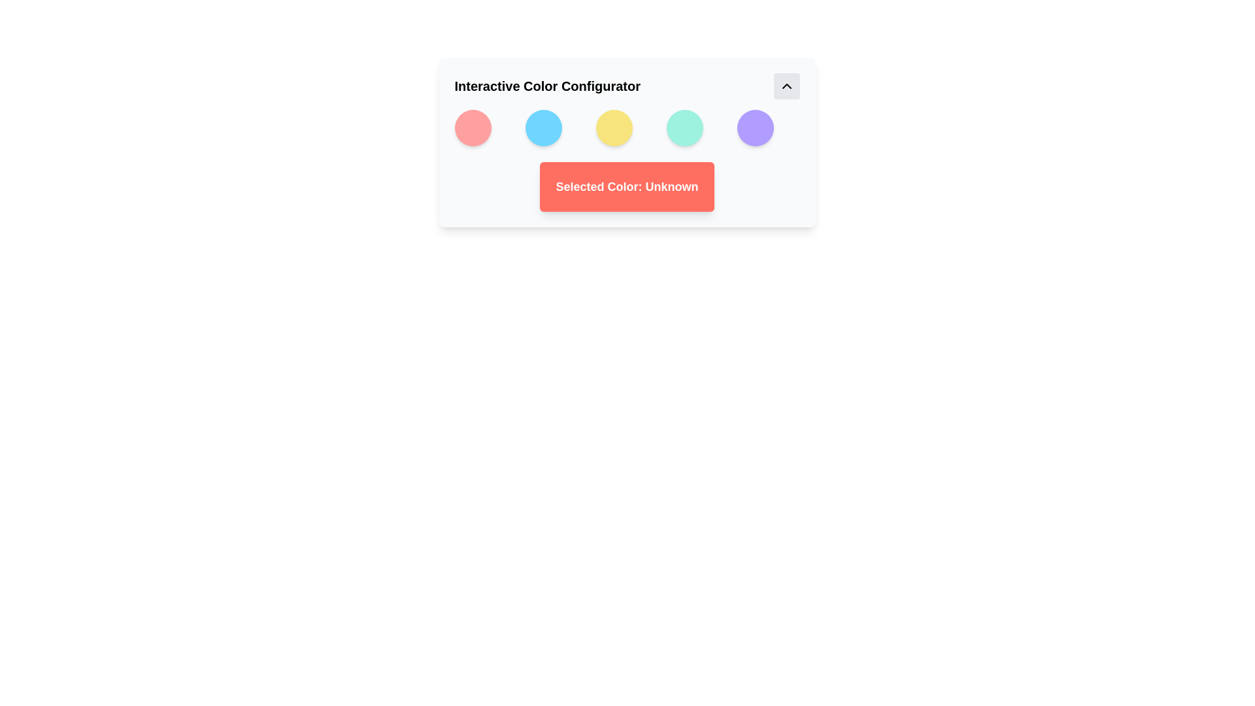 The image size is (1255, 706). What do you see at coordinates (626, 186) in the screenshot?
I see `text content of the Text display box that currently states 'Unknown' and displays the selected color in the Interactive Color Configurator panel` at bounding box center [626, 186].